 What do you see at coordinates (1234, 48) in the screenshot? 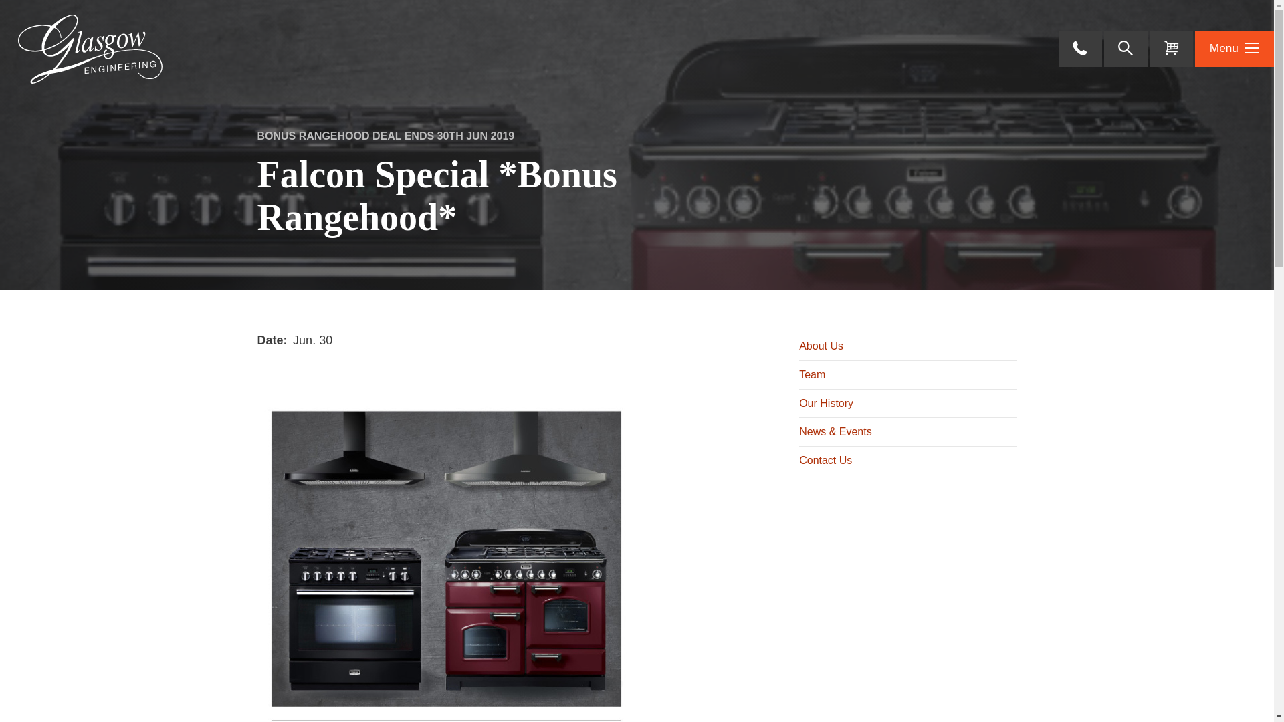
I see `'Menu'` at bounding box center [1234, 48].